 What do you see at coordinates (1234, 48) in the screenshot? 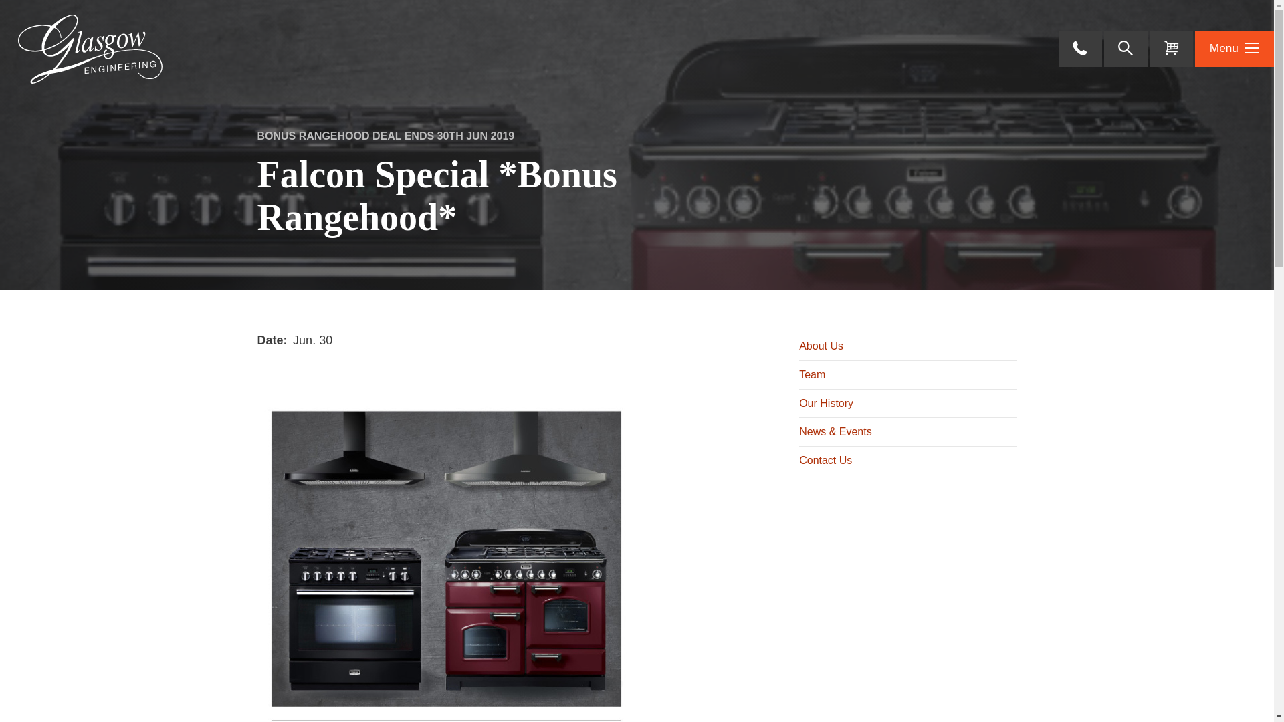
I see `'Menu'` at bounding box center [1234, 48].